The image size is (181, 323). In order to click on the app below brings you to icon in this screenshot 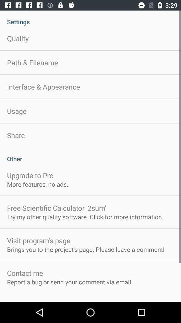, I will do `click(24, 273)`.